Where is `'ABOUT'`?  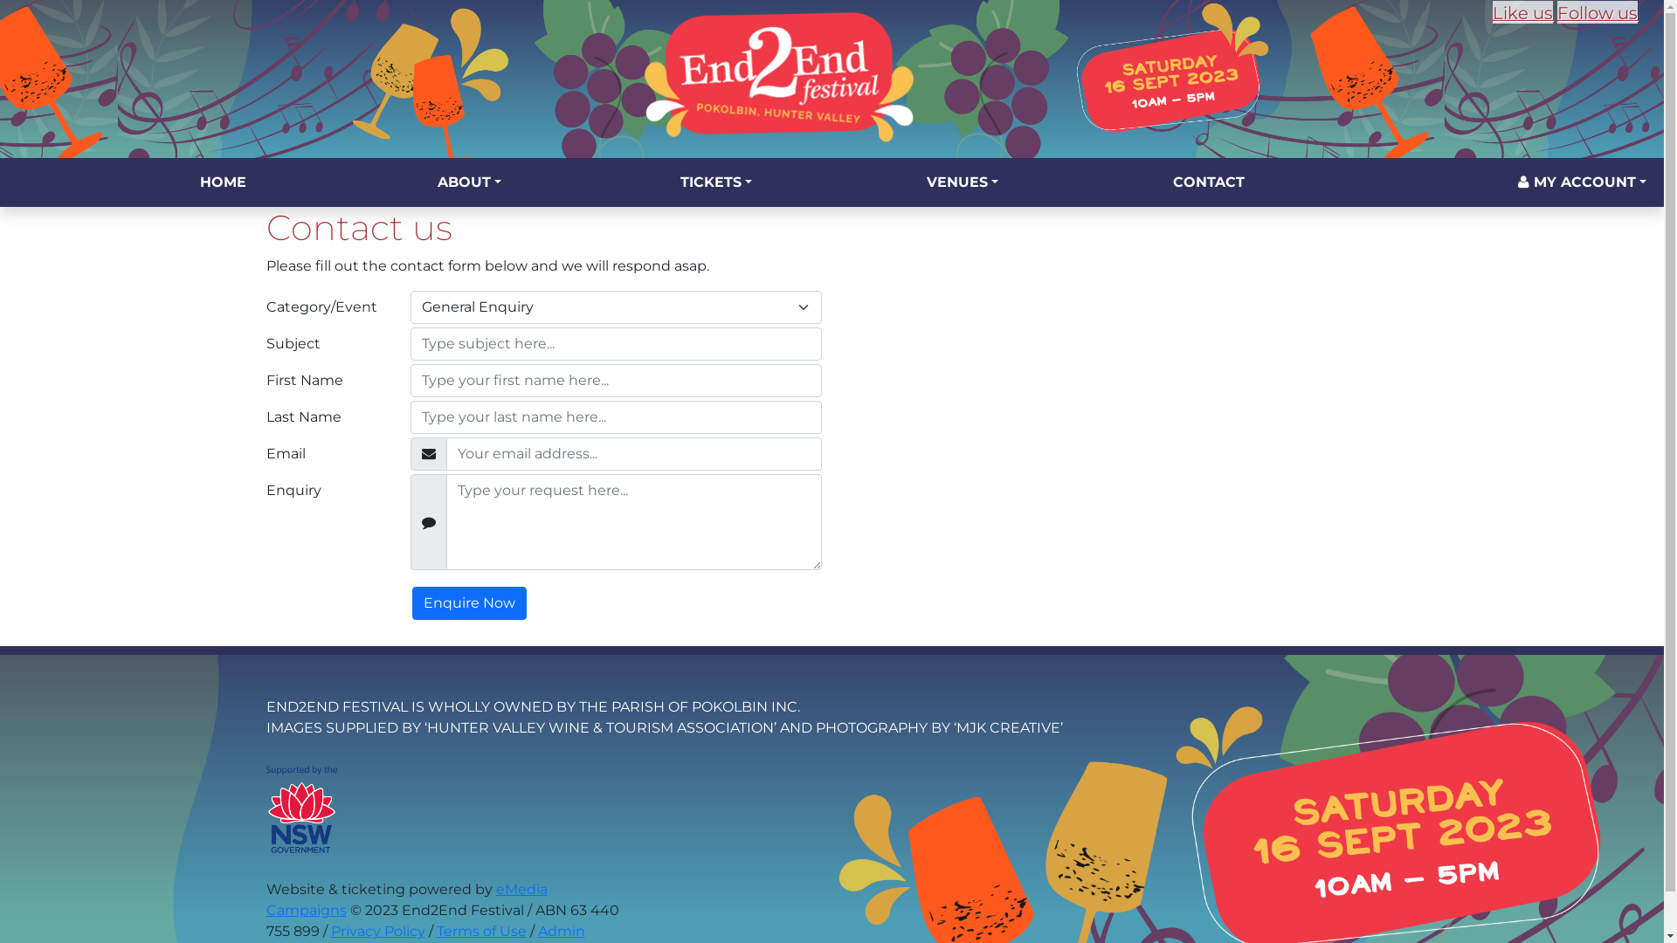
'ABOUT' is located at coordinates (469, 182).